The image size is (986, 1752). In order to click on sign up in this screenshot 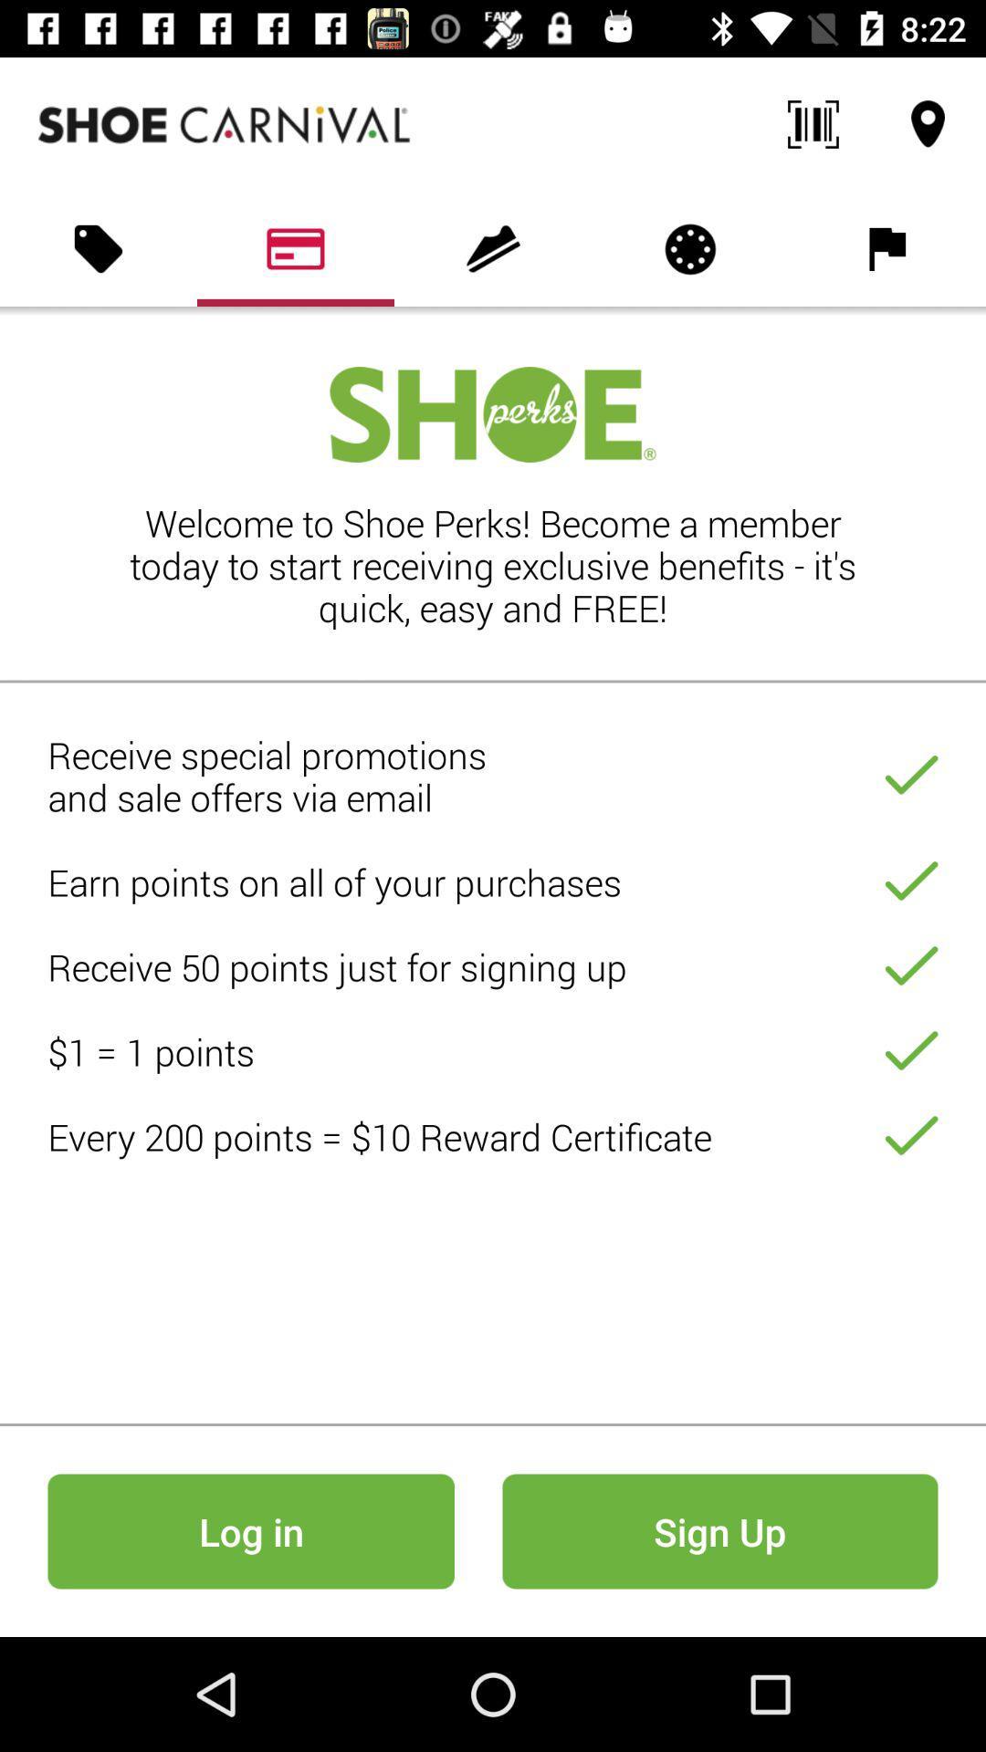, I will do `click(719, 1531)`.